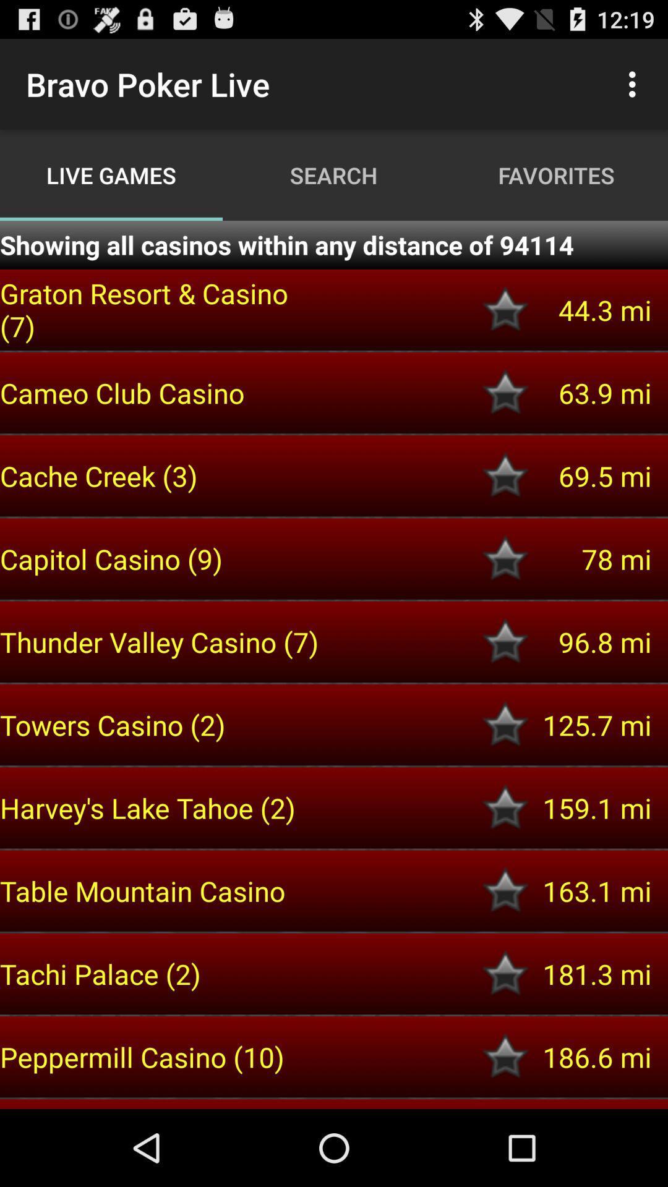 Image resolution: width=668 pixels, height=1187 pixels. I want to click on harvey s lake item, so click(161, 807).